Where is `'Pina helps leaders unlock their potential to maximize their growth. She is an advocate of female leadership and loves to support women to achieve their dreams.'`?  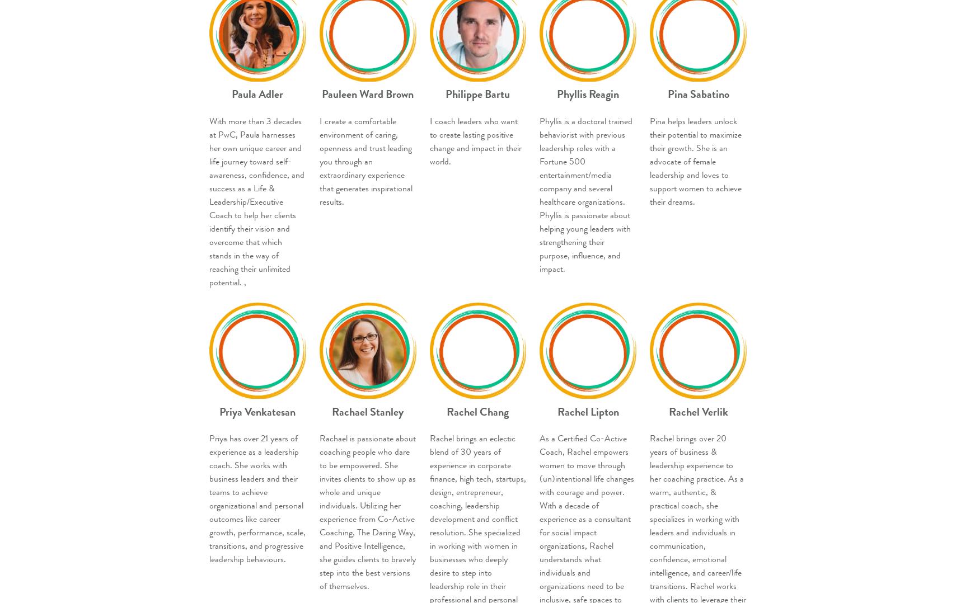 'Pina helps leaders unlock their potential to maximize their growth. She is an advocate of female leadership and loves to support women to achieve their dreams.' is located at coordinates (649, 161).